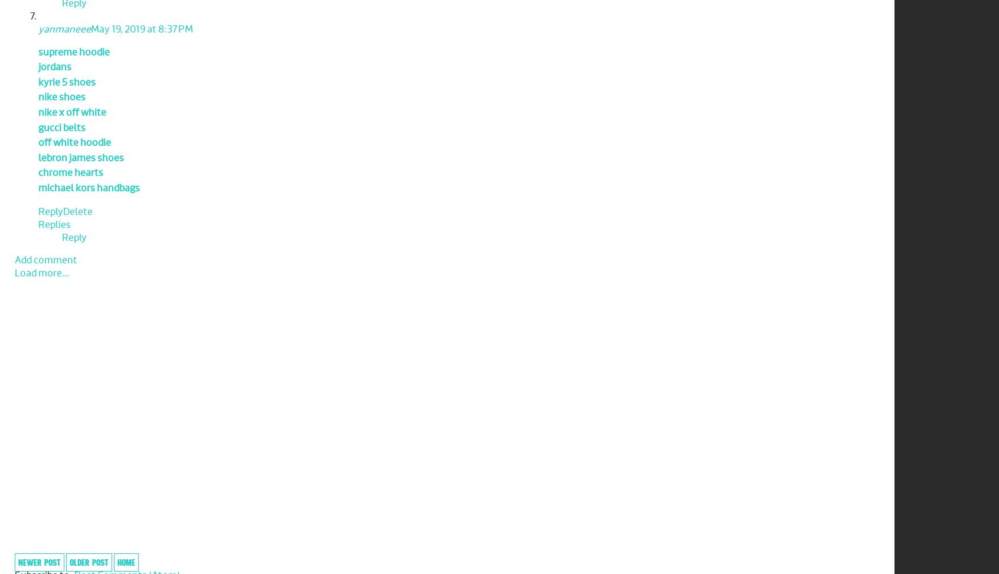  What do you see at coordinates (54, 224) in the screenshot?
I see `'Replies'` at bounding box center [54, 224].